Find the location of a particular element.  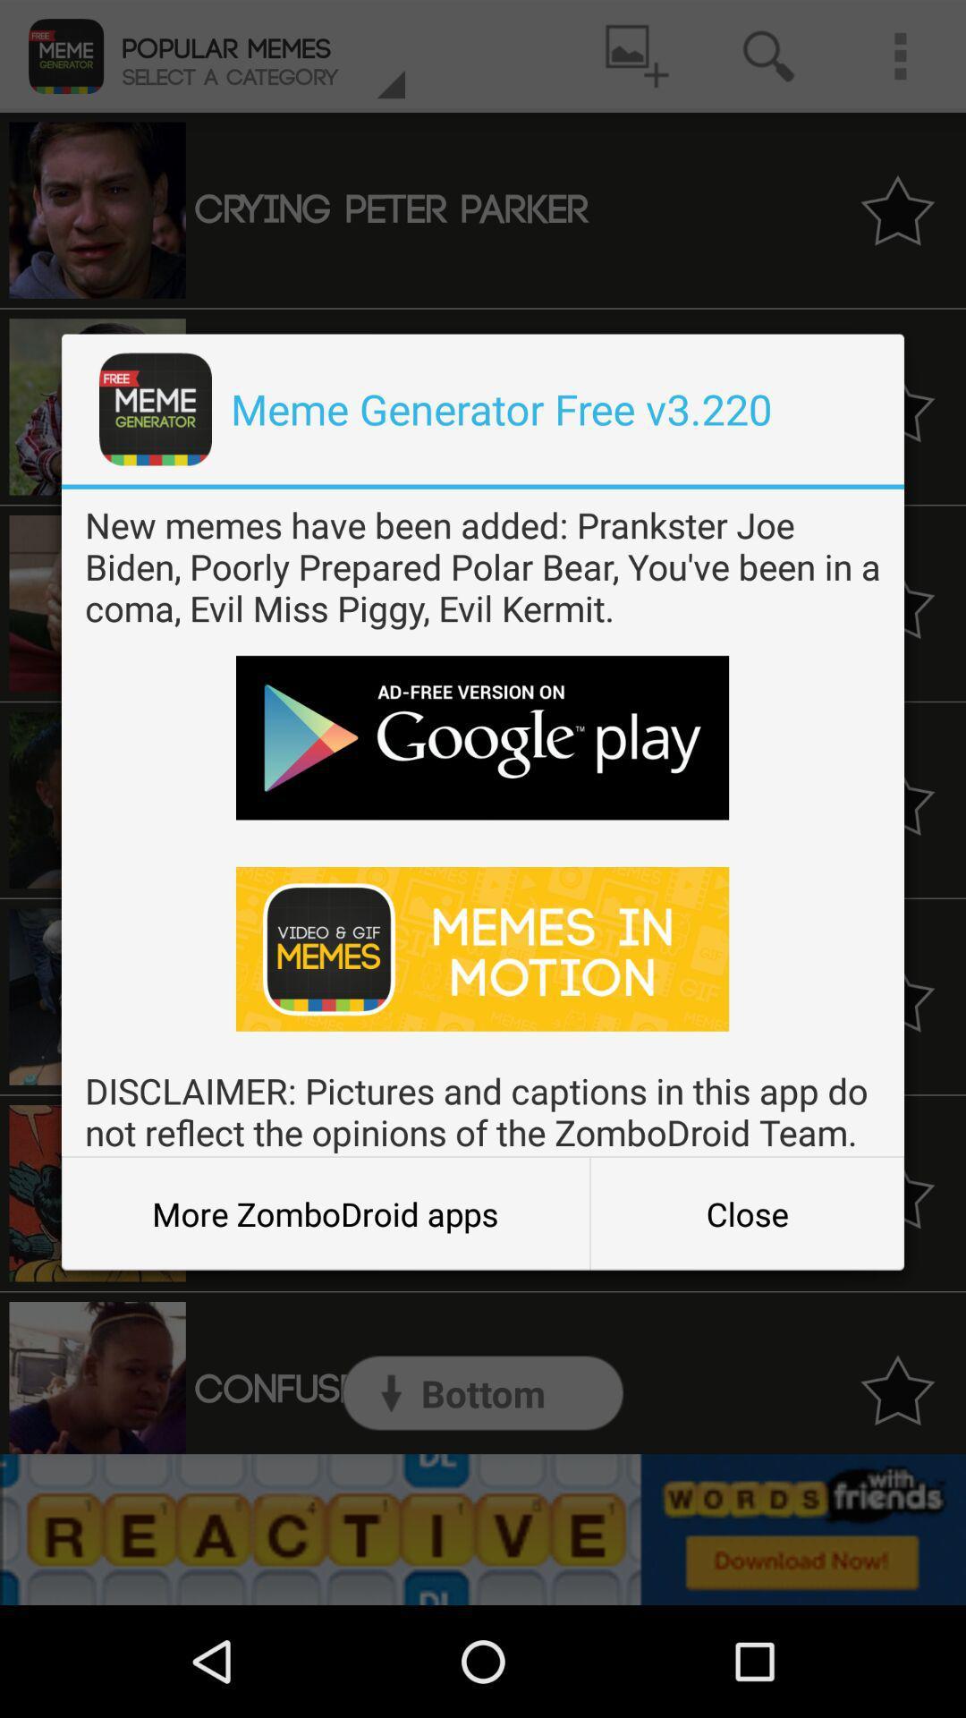

download app is located at coordinates (481, 948).